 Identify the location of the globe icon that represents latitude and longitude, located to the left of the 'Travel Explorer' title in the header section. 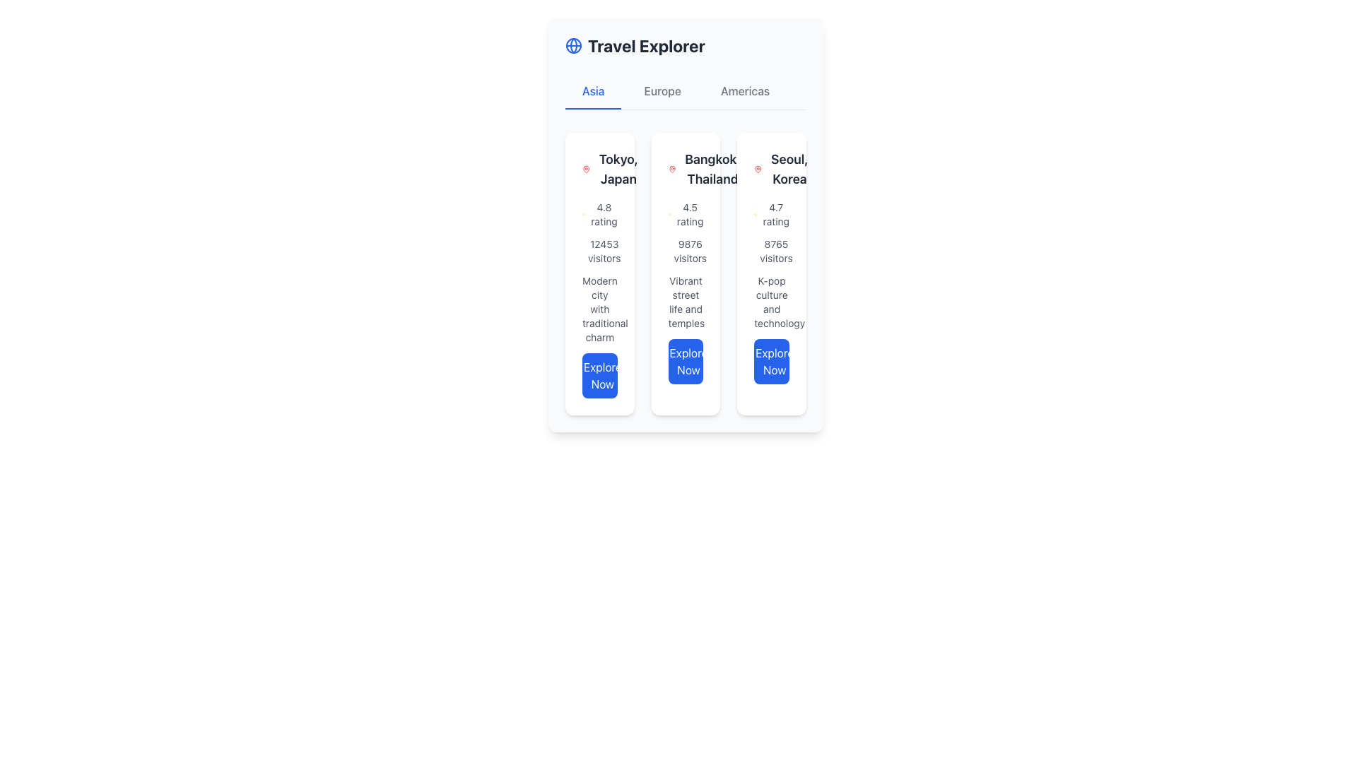
(573, 45).